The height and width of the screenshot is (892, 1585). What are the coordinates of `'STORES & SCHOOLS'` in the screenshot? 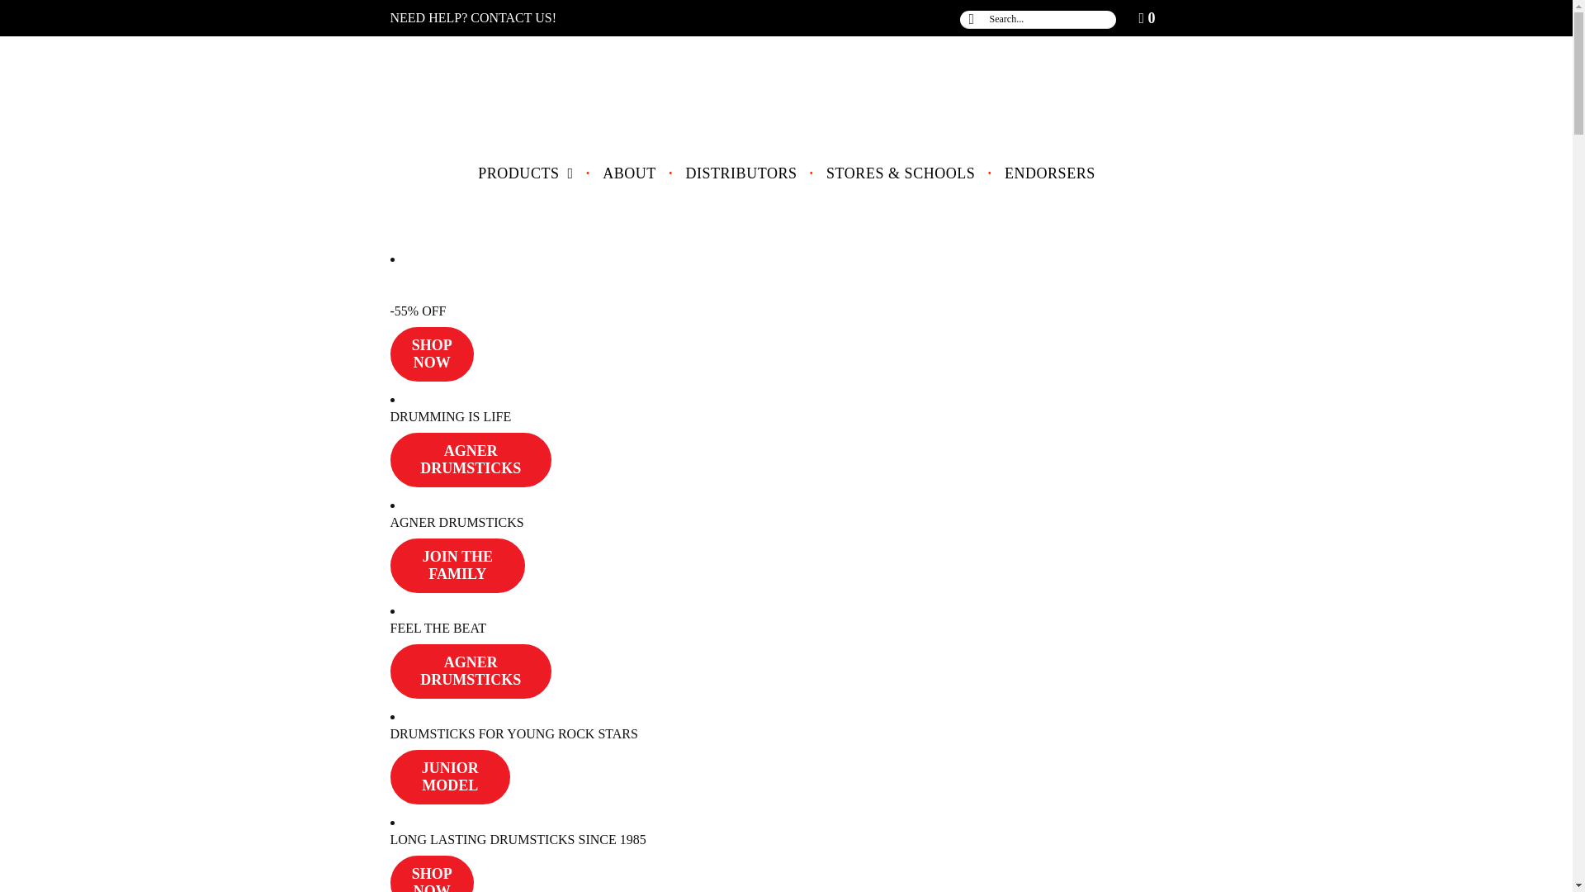 It's located at (899, 173).